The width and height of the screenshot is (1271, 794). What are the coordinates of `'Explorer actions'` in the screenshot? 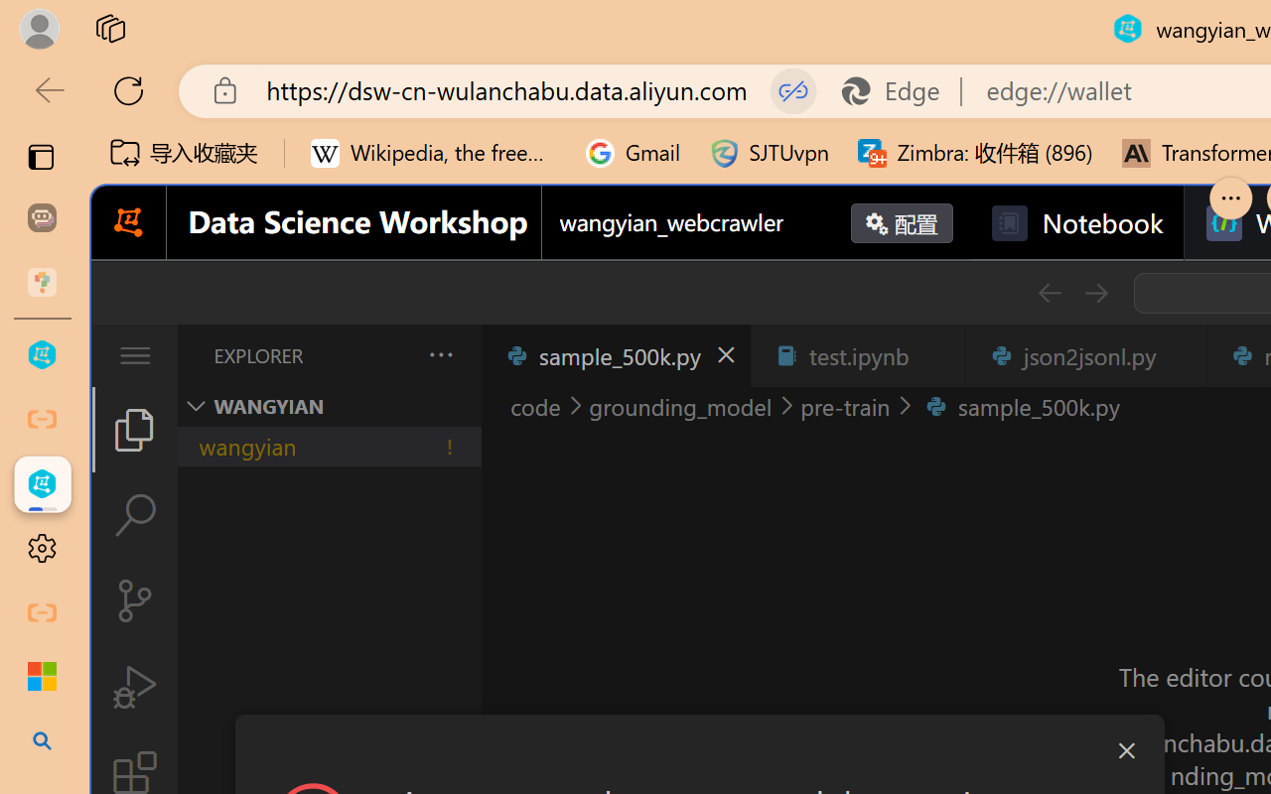 It's located at (388, 355).